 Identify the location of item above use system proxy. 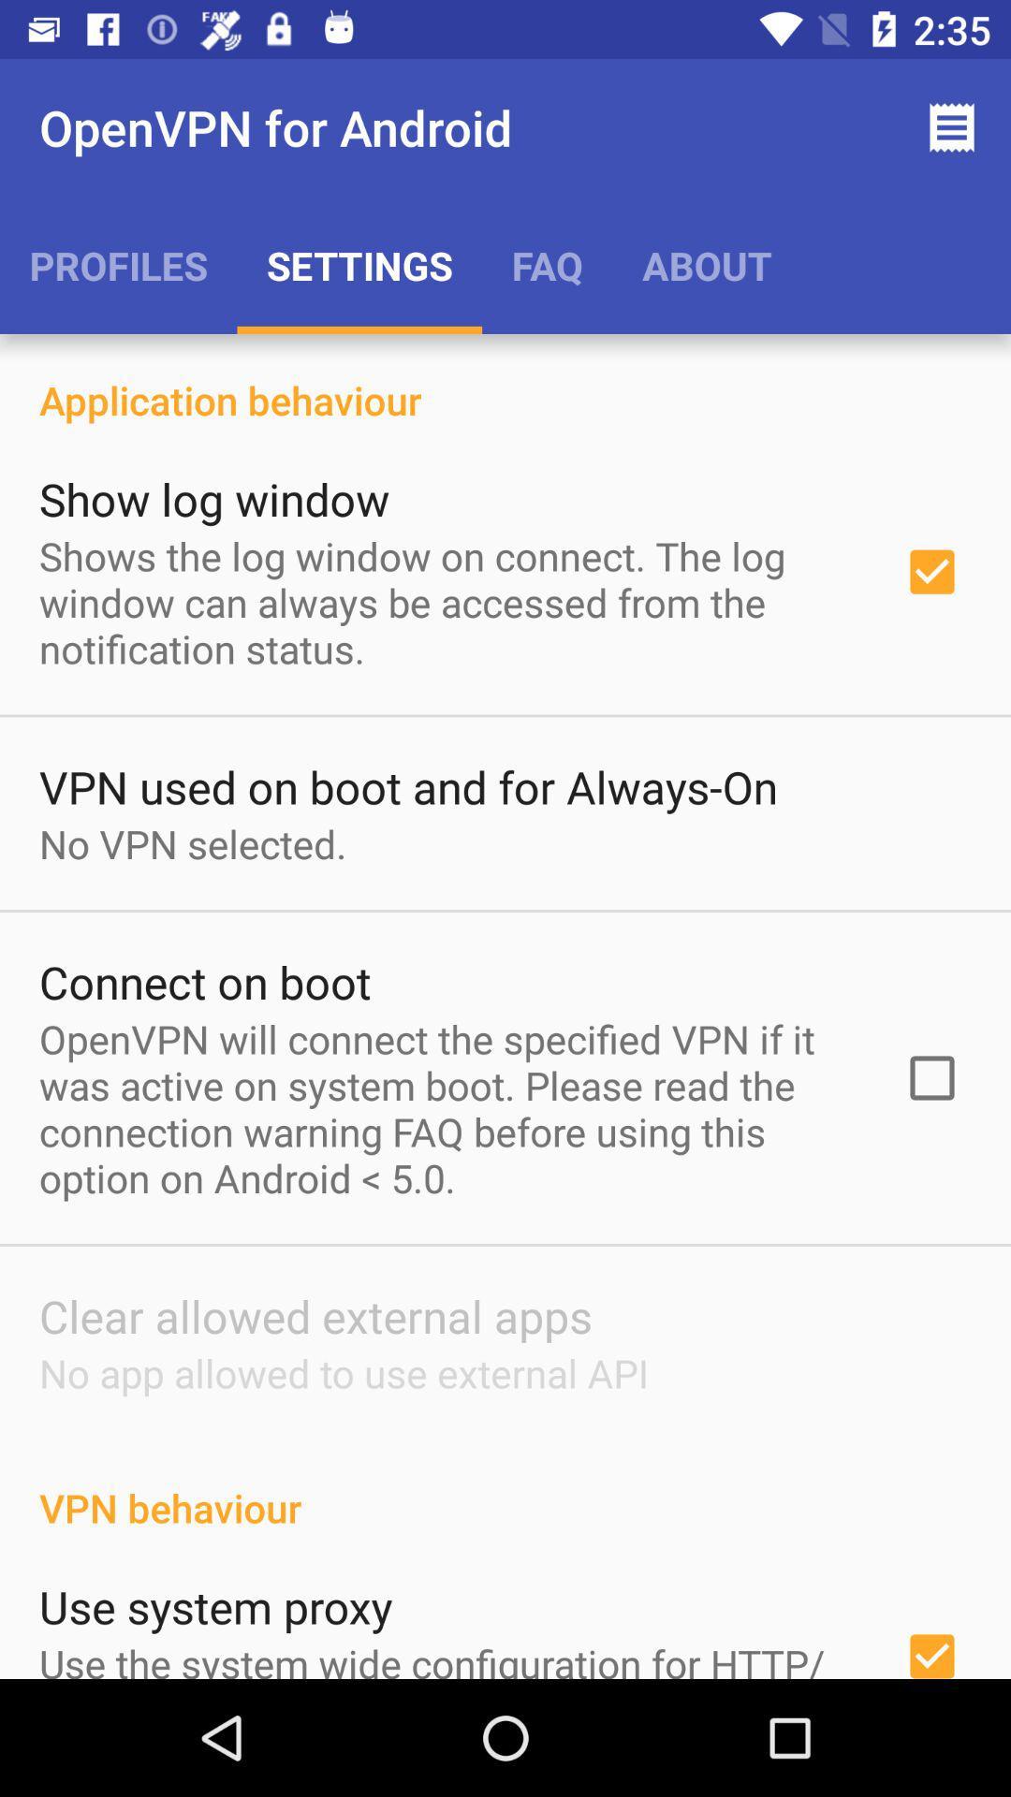
(505, 1486).